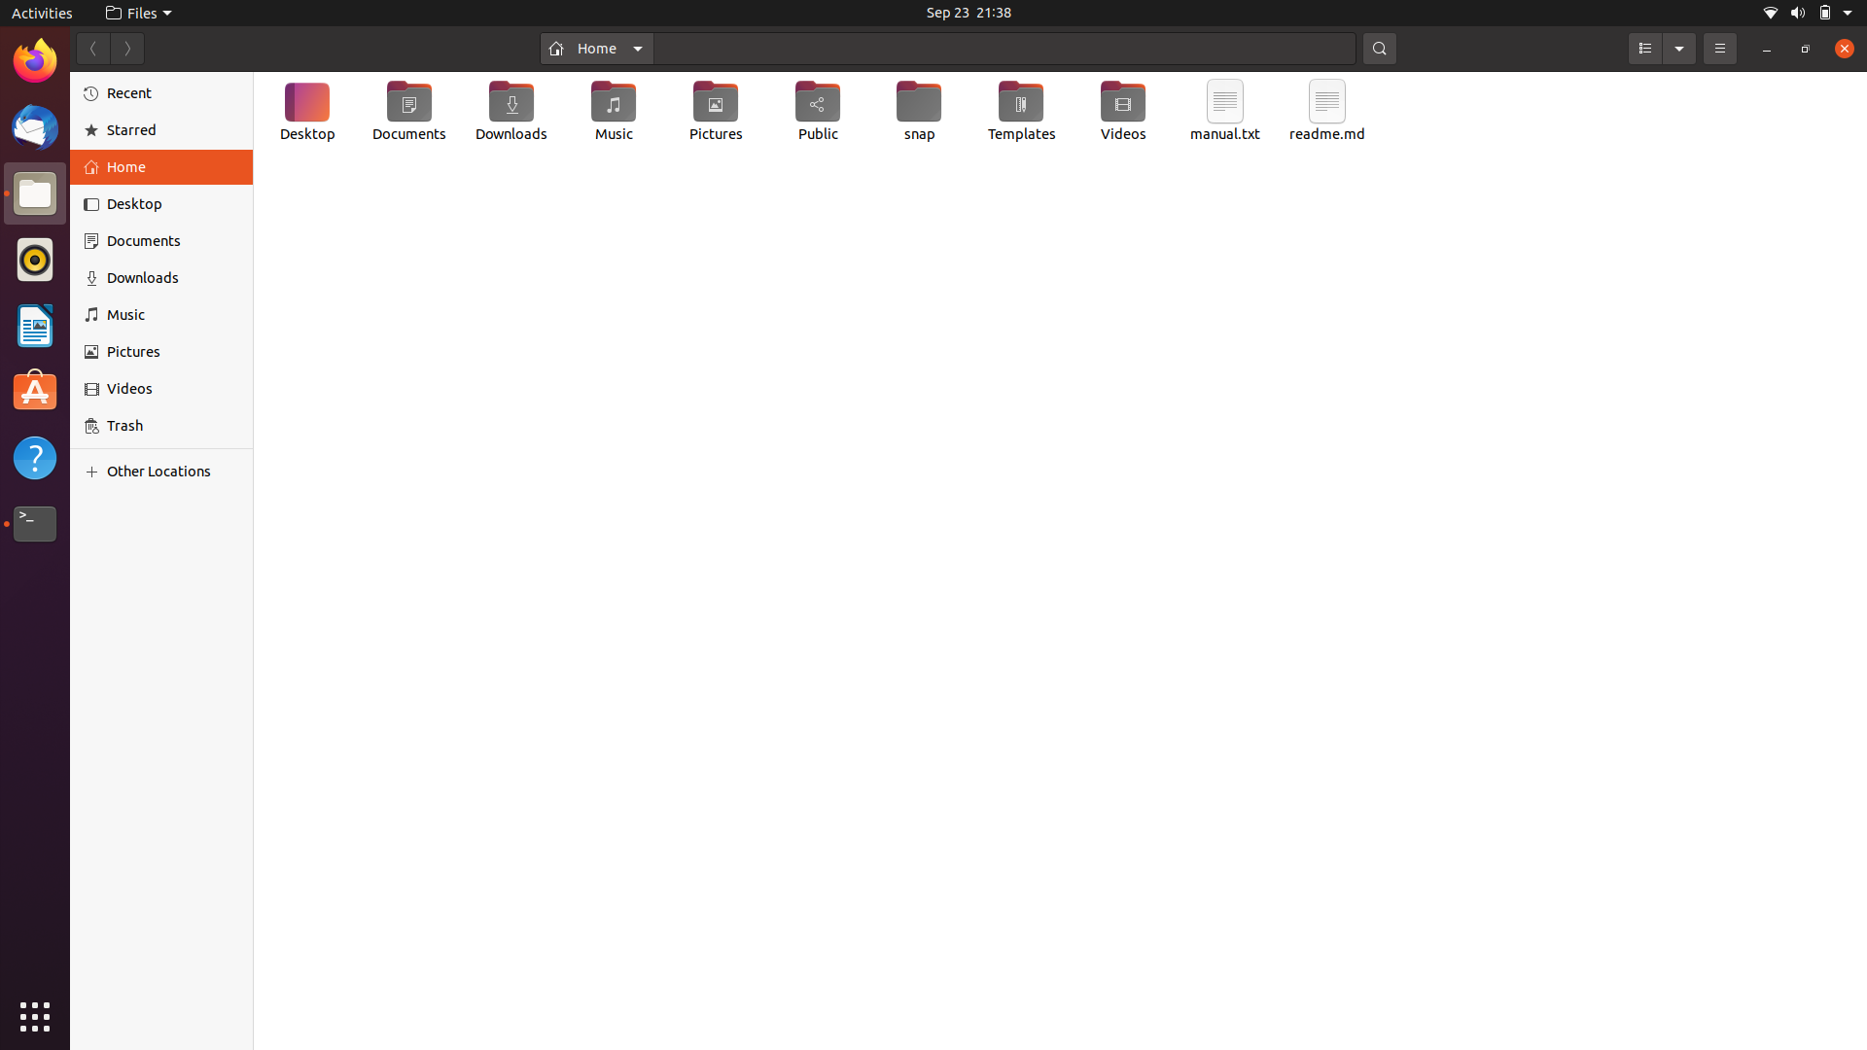 The image size is (1867, 1050). Describe the element at coordinates (1803, 48) in the screenshot. I see `Enlarge the window to full screen` at that location.